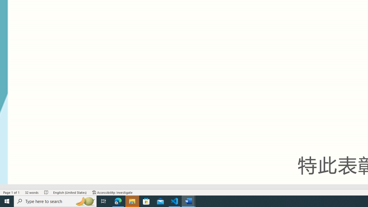  What do you see at coordinates (46, 192) in the screenshot?
I see `'Spelling and Grammar Check No Errors'` at bounding box center [46, 192].